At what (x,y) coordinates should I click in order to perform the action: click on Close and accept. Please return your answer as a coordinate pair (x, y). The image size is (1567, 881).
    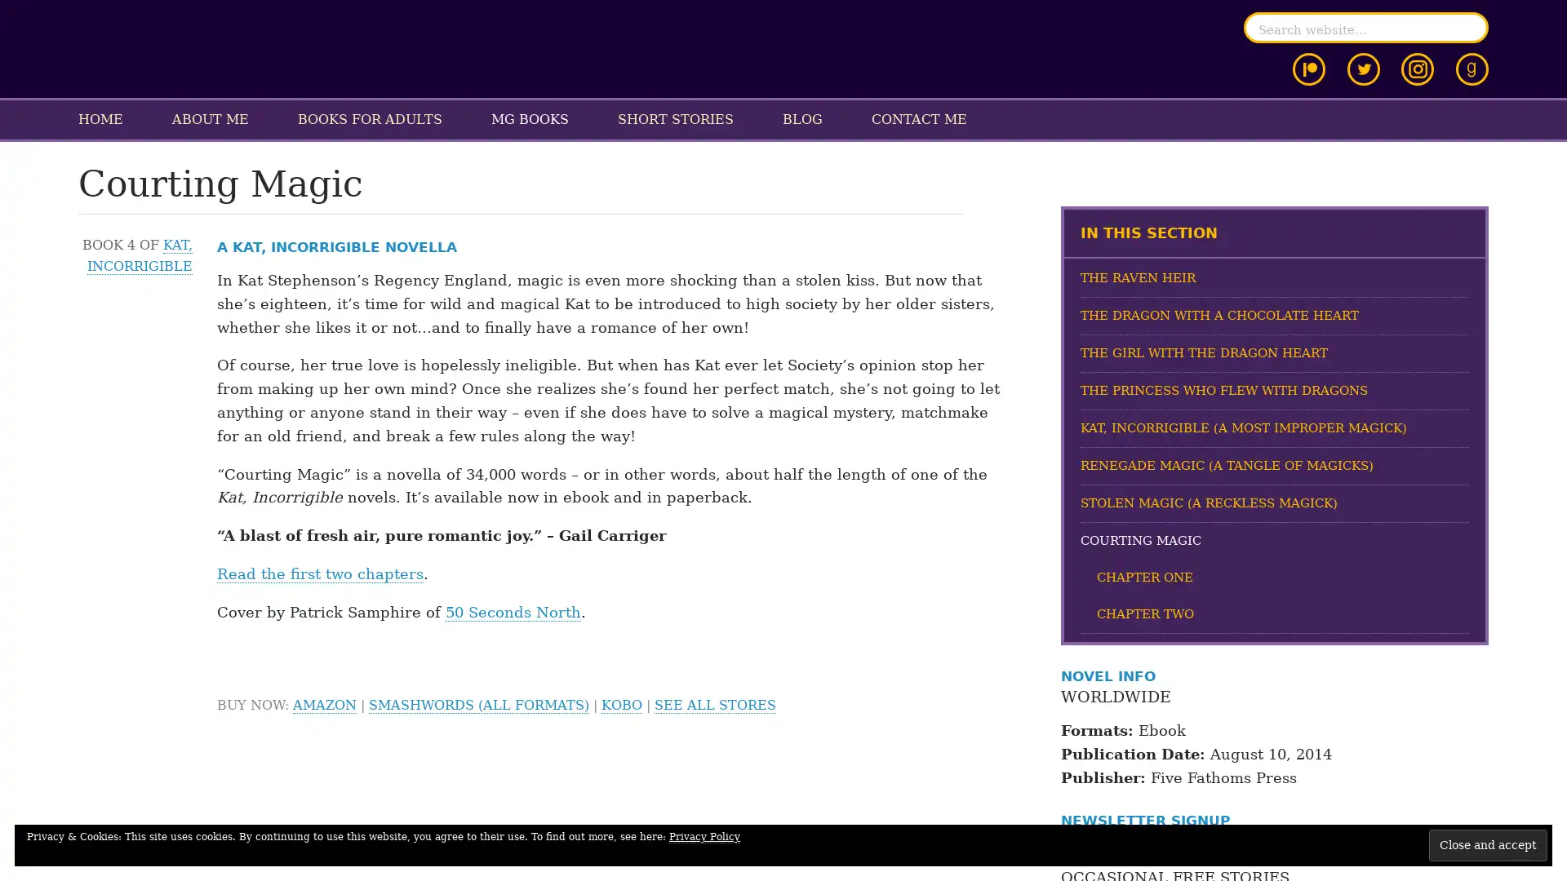
    Looking at the image, I should click on (1488, 844).